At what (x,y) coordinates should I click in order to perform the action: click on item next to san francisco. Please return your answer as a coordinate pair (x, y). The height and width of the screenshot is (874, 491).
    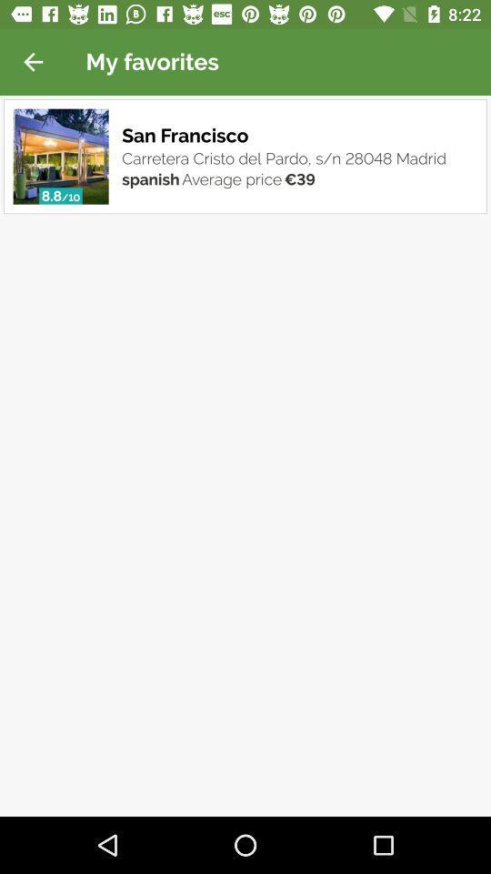
    Looking at the image, I should click on (61, 156).